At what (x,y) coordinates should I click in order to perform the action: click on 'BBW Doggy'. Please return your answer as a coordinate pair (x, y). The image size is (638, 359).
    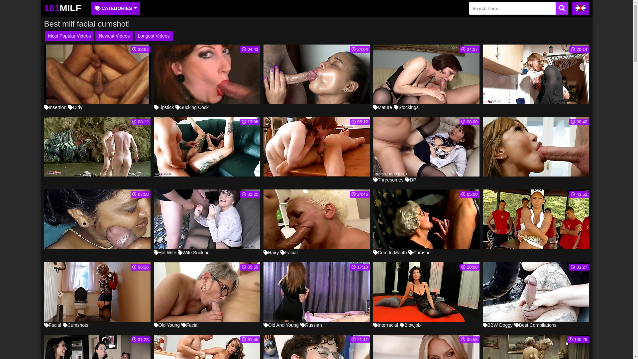
    Looking at the image, I should click on (497, 325).